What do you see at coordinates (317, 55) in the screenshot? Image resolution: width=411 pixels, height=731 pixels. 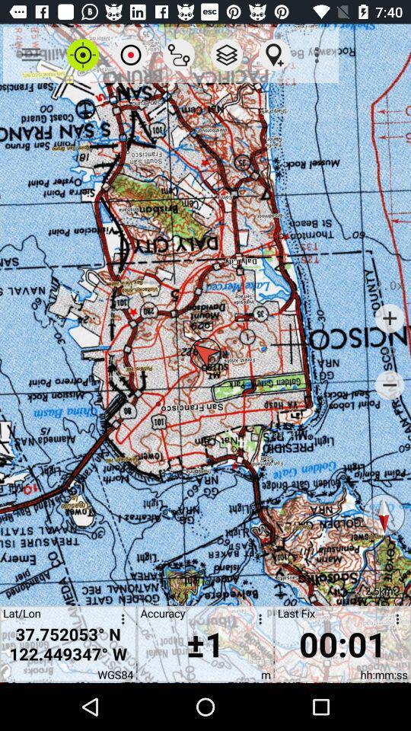 I see `the icon above last fix icon` at bounding box center [317, 55].